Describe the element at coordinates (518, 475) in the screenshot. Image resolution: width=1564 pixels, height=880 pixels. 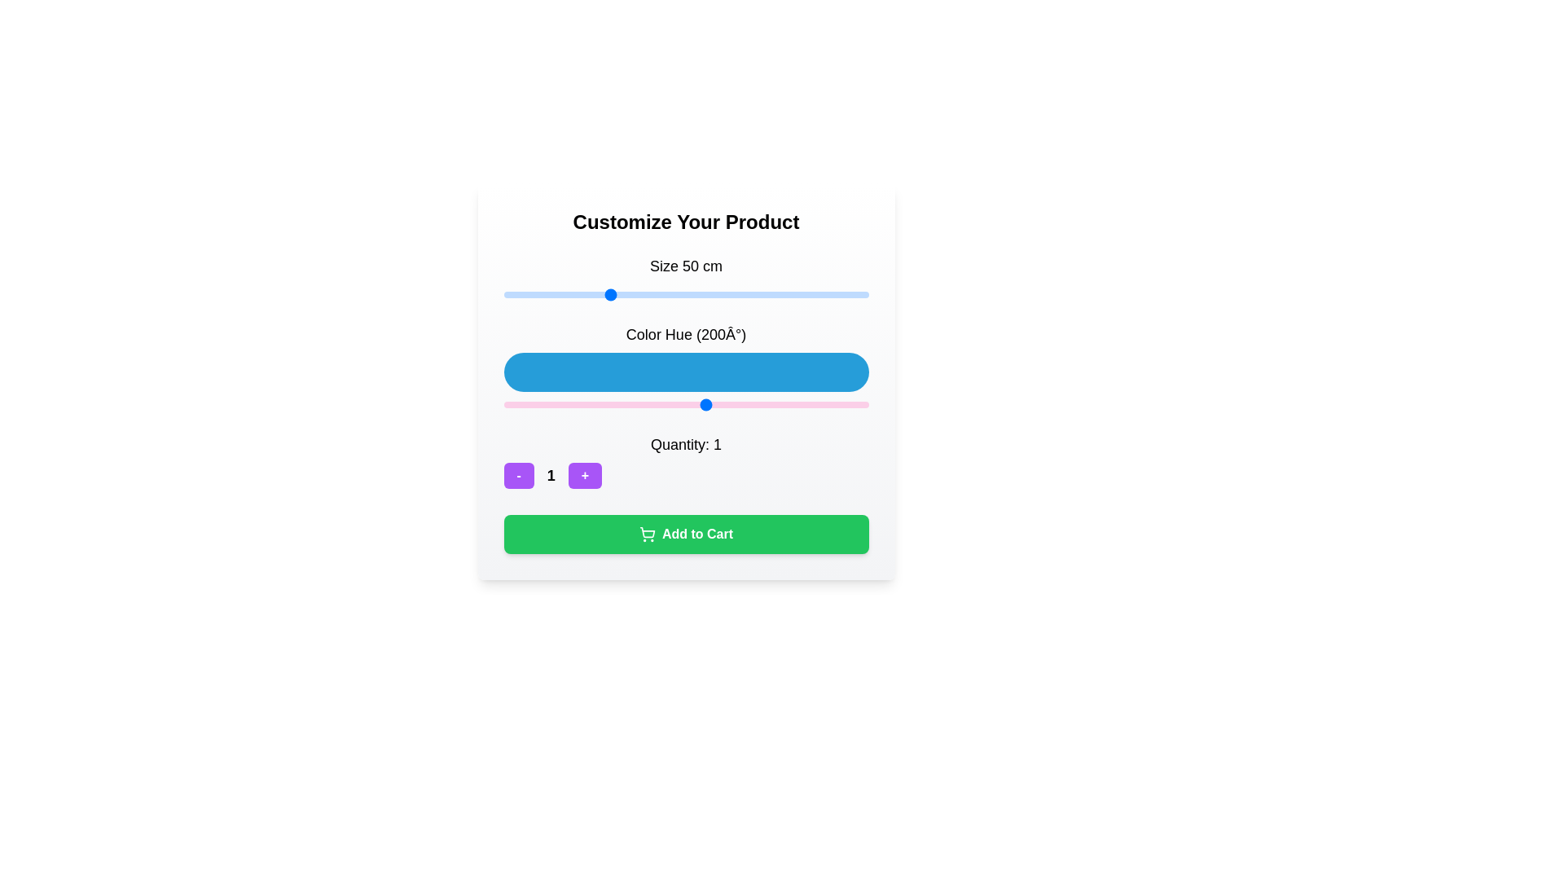
I see `the leftmost button in the quantity selector widget to trigger the visual hover effect` at that location.